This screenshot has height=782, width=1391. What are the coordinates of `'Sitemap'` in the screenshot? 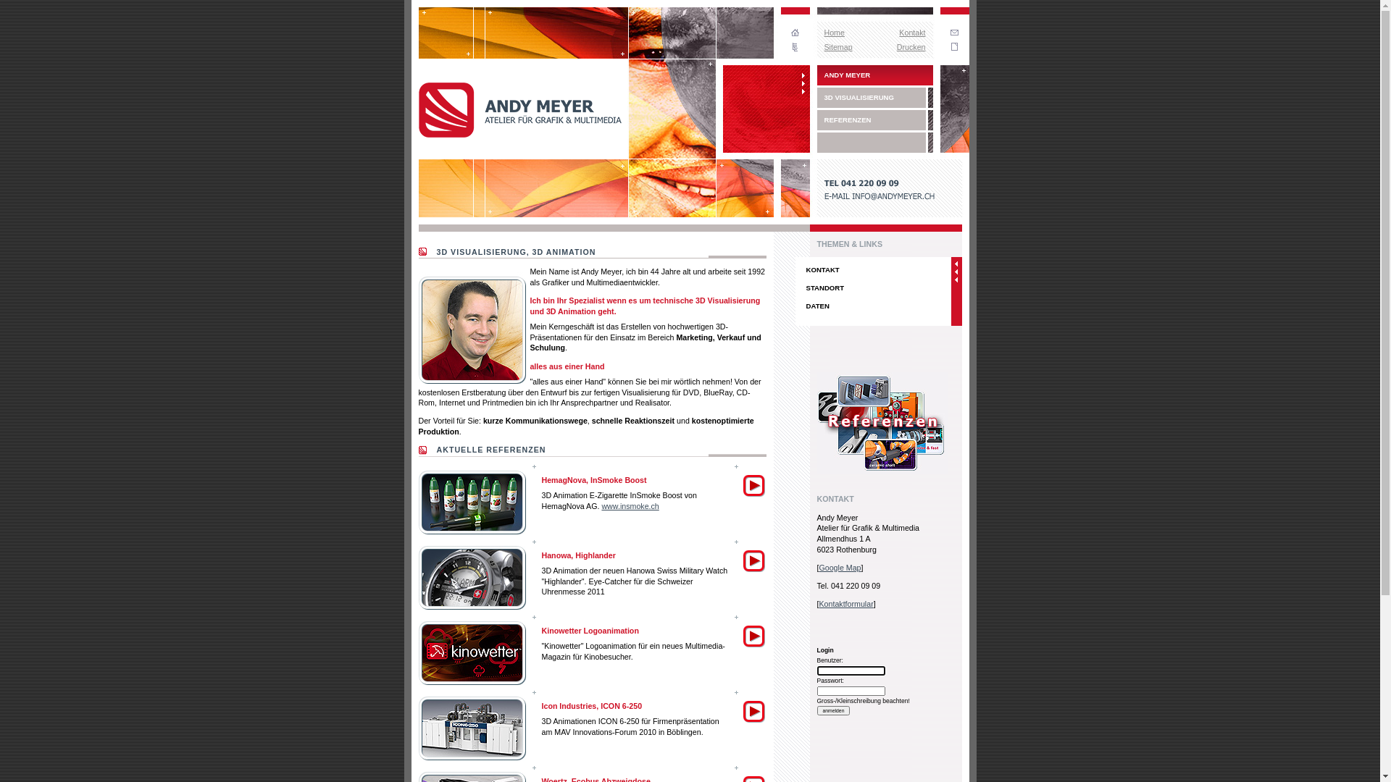 It's located at (838, 46).